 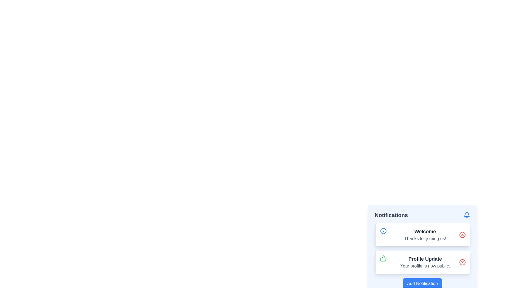 What do you see at coordinates (462, 262) in the screenshot?
I see `the dismiss button located at the top-right corner of the 'Profile Update' notification` at bounding box center [462, 262].